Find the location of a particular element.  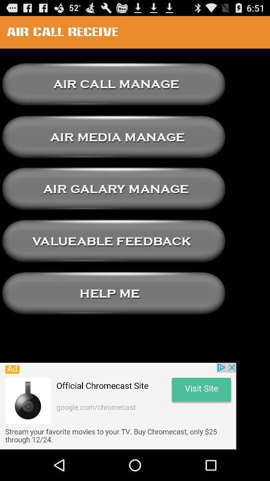

a select option is located at coordinates (113, 188).